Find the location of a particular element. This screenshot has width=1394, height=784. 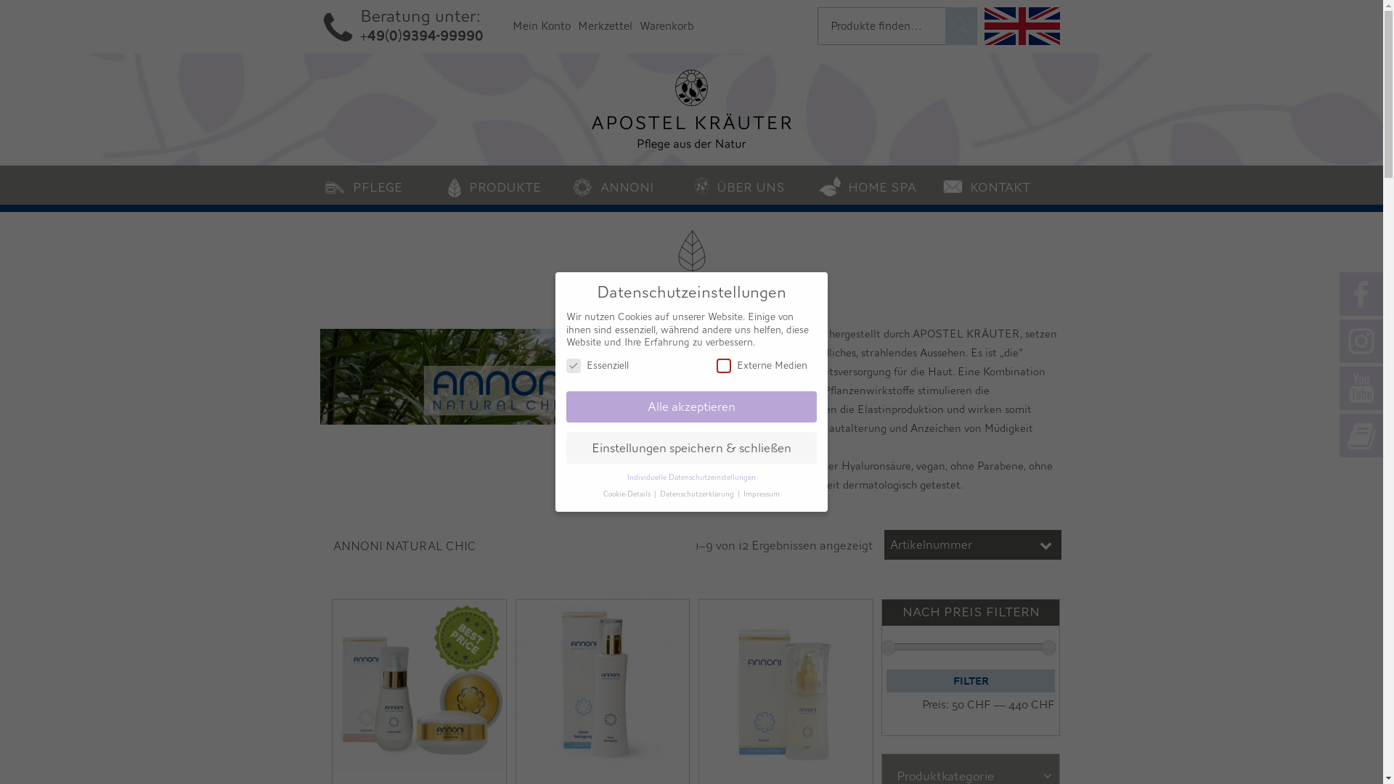

'Mein Konto' is located at coordinates (540, 25).